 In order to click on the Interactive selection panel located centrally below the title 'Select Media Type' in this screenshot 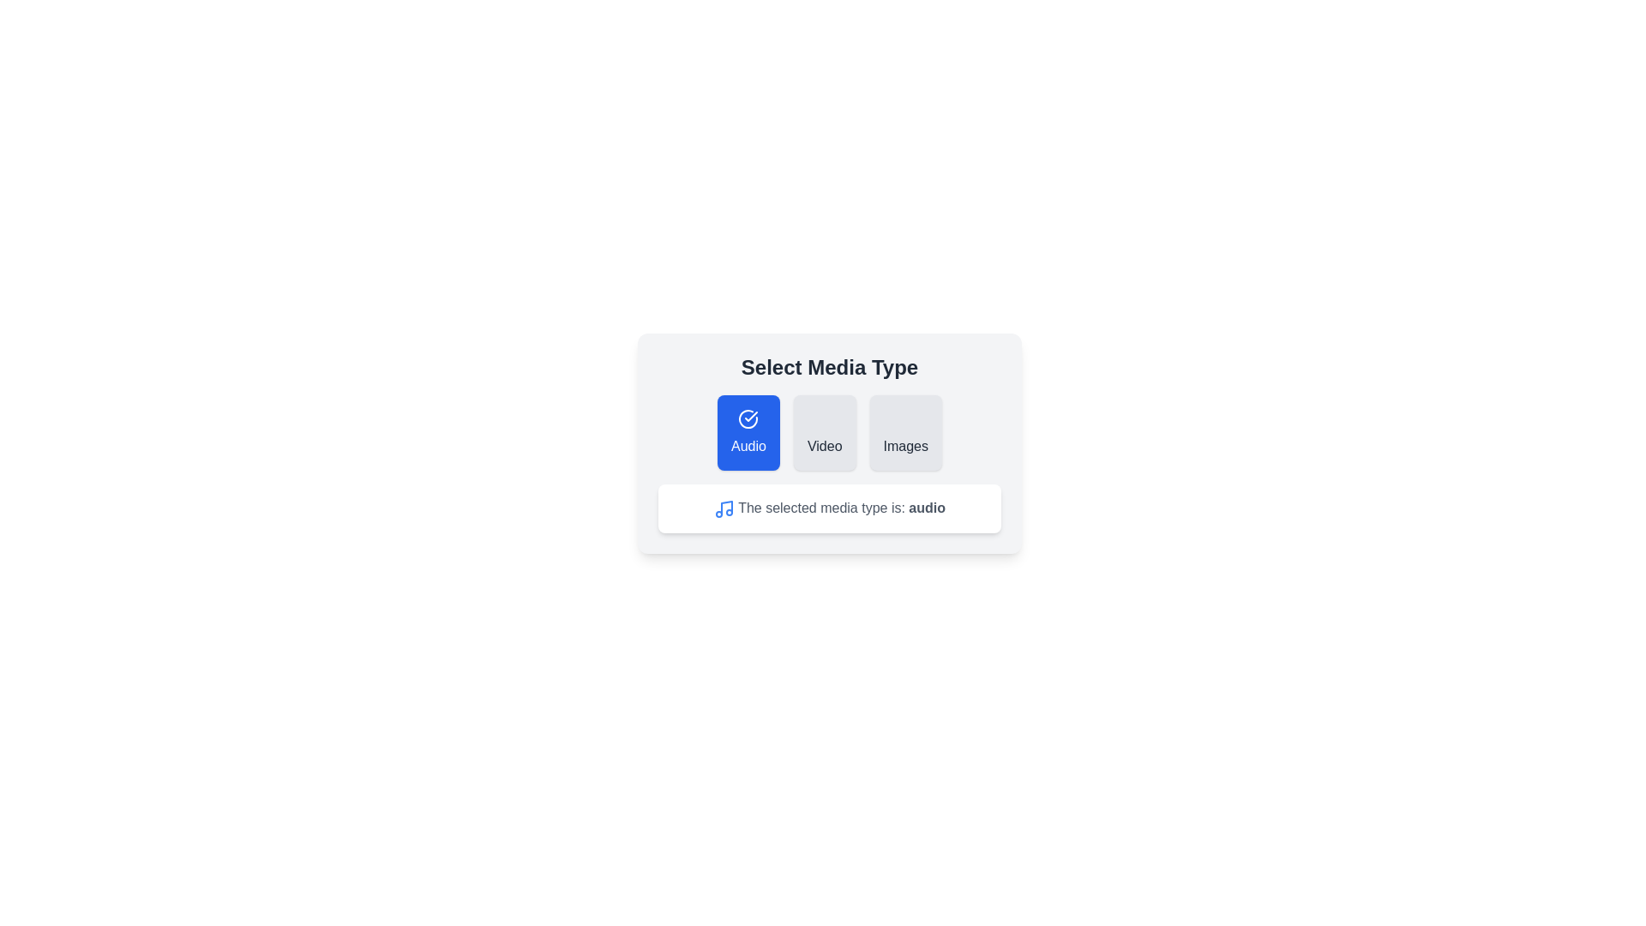, I will do `click(830, 442)`.